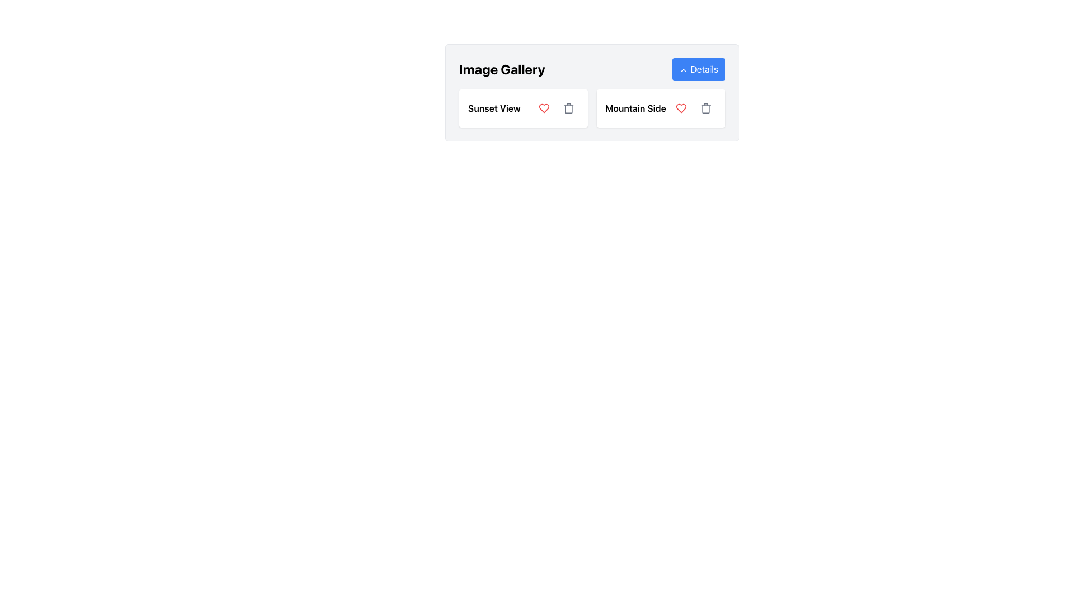 Image resolution: width=1075 pixels, height=604 pixels. I want to click on the trash can button, which is styled with a minimalist line drawing appearance in gray, so click(568, 108).